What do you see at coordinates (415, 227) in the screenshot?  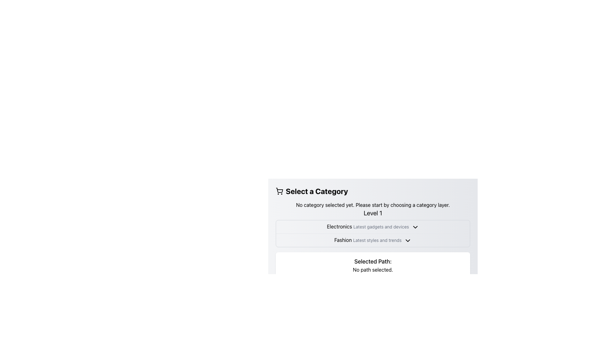 I see `the chevron-down icon located to the right of the 'Electronics Latest gadgets and devices' text` at bounding box center [415, 227].